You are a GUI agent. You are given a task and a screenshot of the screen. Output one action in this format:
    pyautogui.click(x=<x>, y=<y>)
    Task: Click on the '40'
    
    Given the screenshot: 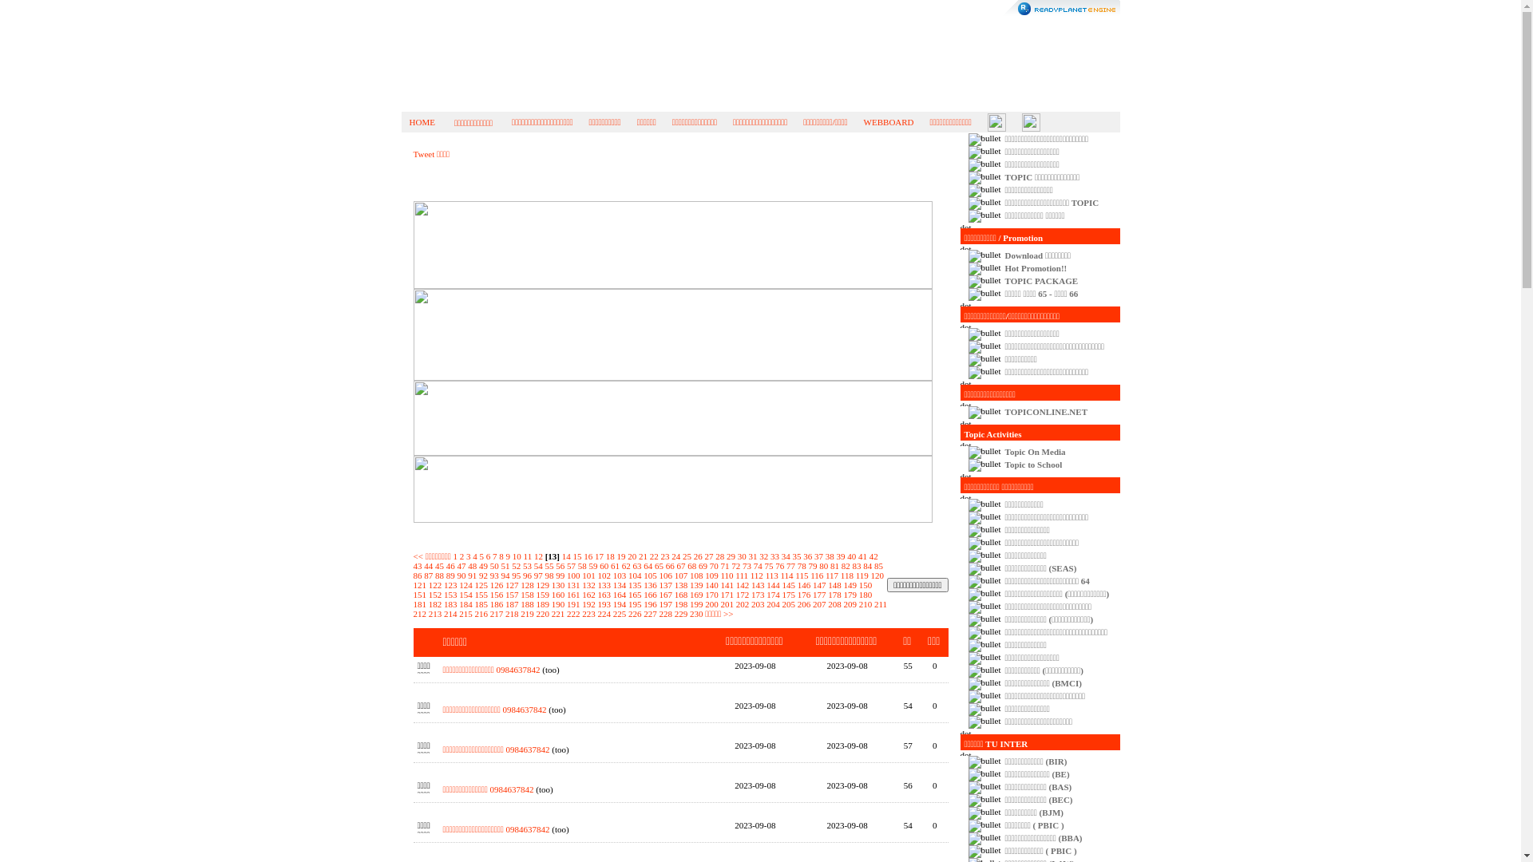 What is the action you would take?
    pyautogui.click(x=850, y=556)
    